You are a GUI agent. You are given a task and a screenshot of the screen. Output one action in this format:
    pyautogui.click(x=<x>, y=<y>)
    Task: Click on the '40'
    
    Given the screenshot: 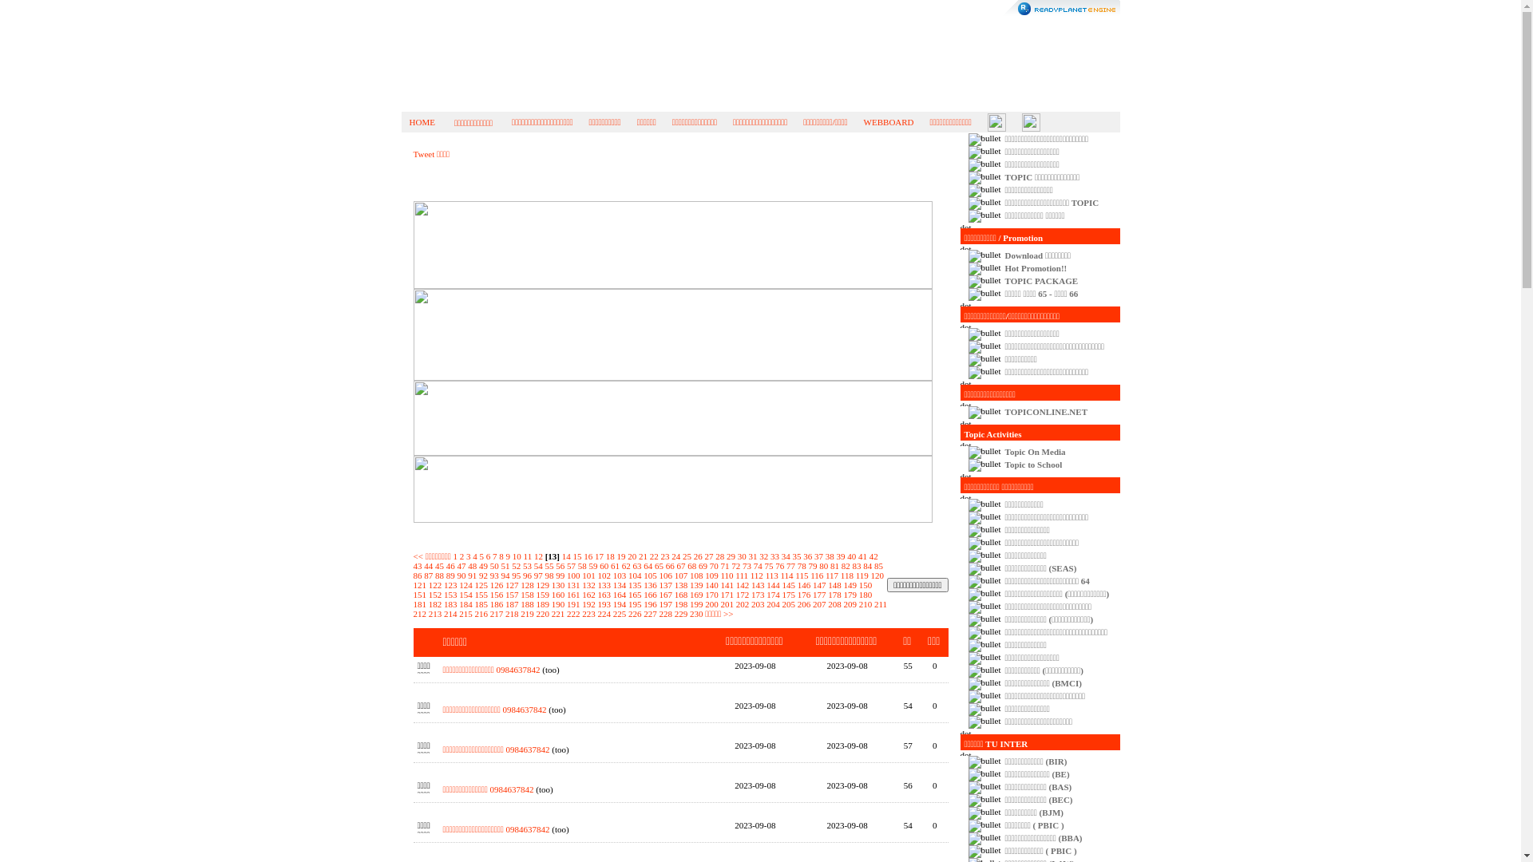 What is the action you would take?
    pyautogui.click(x=850, y=556)
    